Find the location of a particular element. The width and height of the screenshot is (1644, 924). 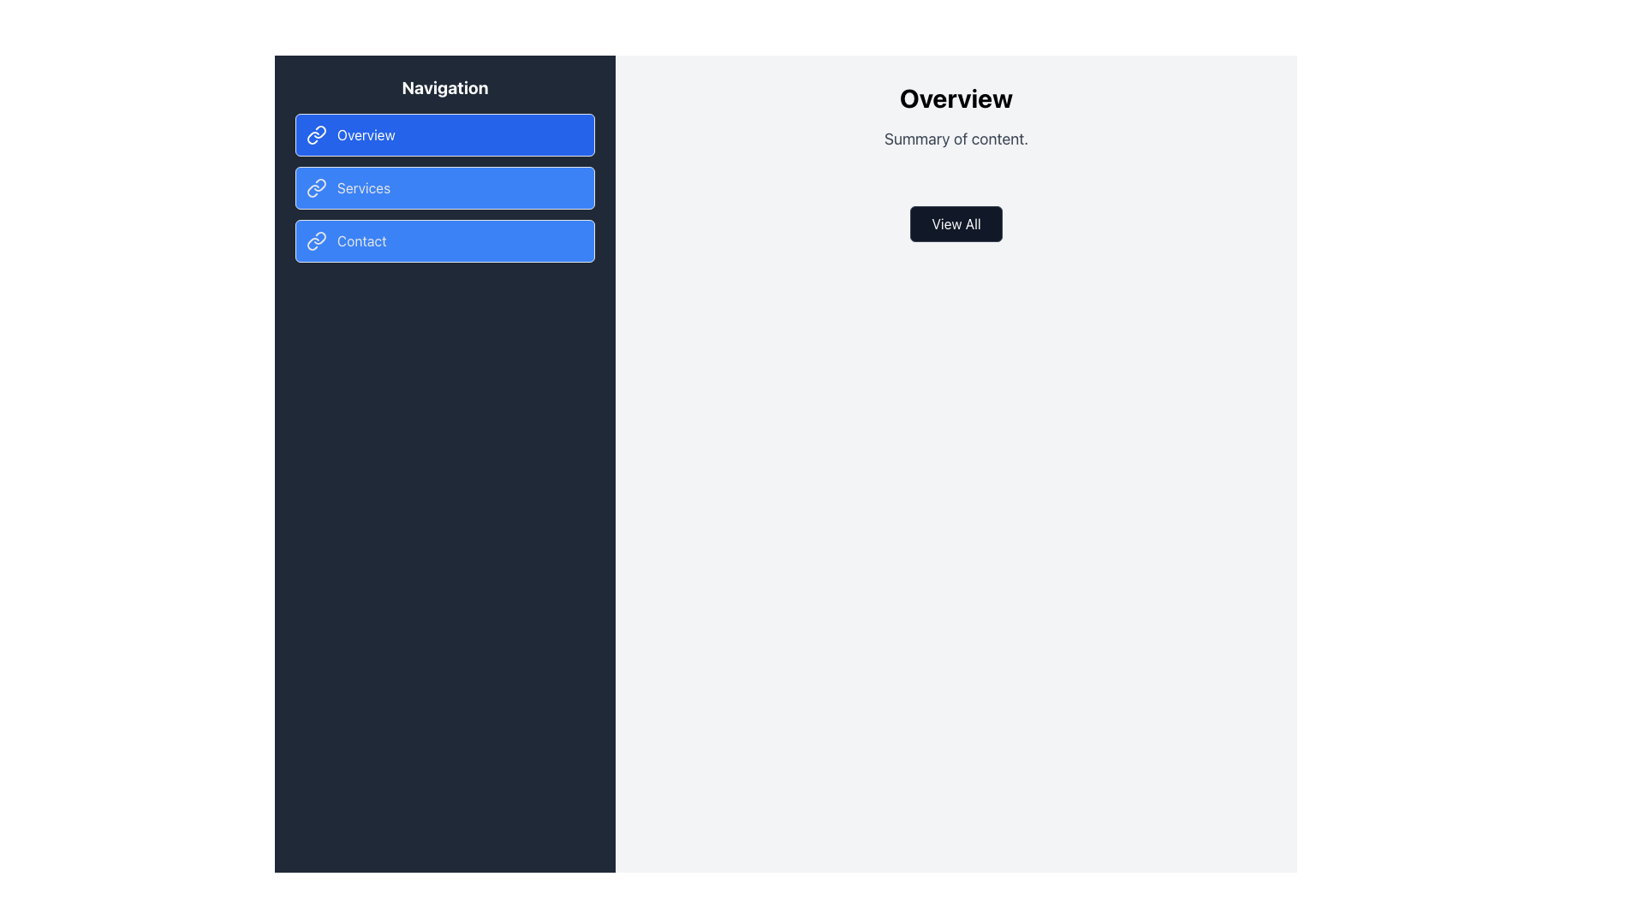

the static text element that provides a brief description in the 'Overview' section, located below the 'Overview' heading is located at coordinates (956, 138).